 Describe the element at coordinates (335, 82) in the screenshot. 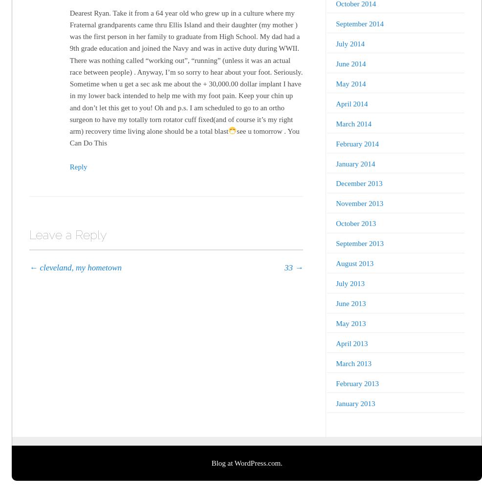

I see `'May 2014'` at that location.